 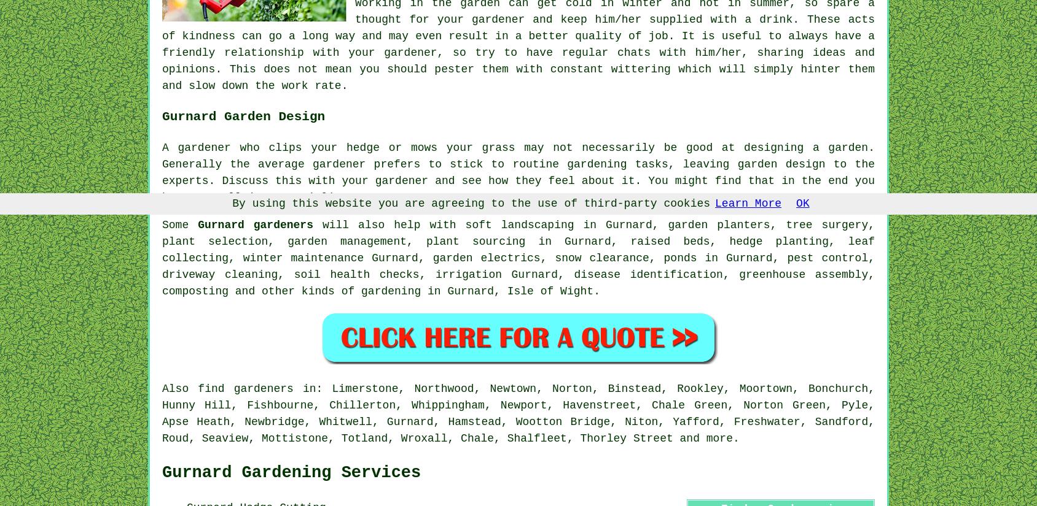 What do you see at coordinates (255, 224) in the screenshot?
I see `'Gurnard gardeners'` at bounding box center [255, 224].